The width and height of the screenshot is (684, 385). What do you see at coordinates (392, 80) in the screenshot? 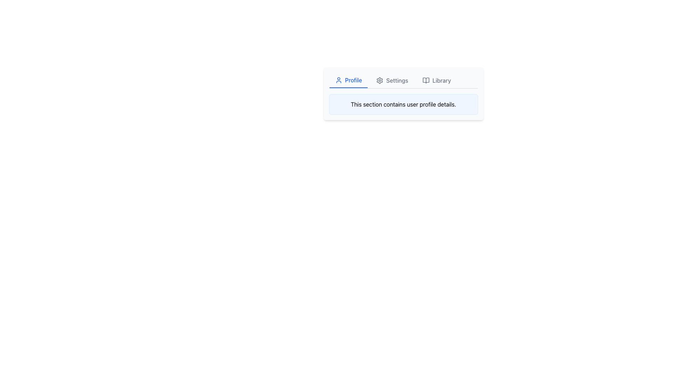
I see `the 'Settings' tab` at bounding box center [392, 80].